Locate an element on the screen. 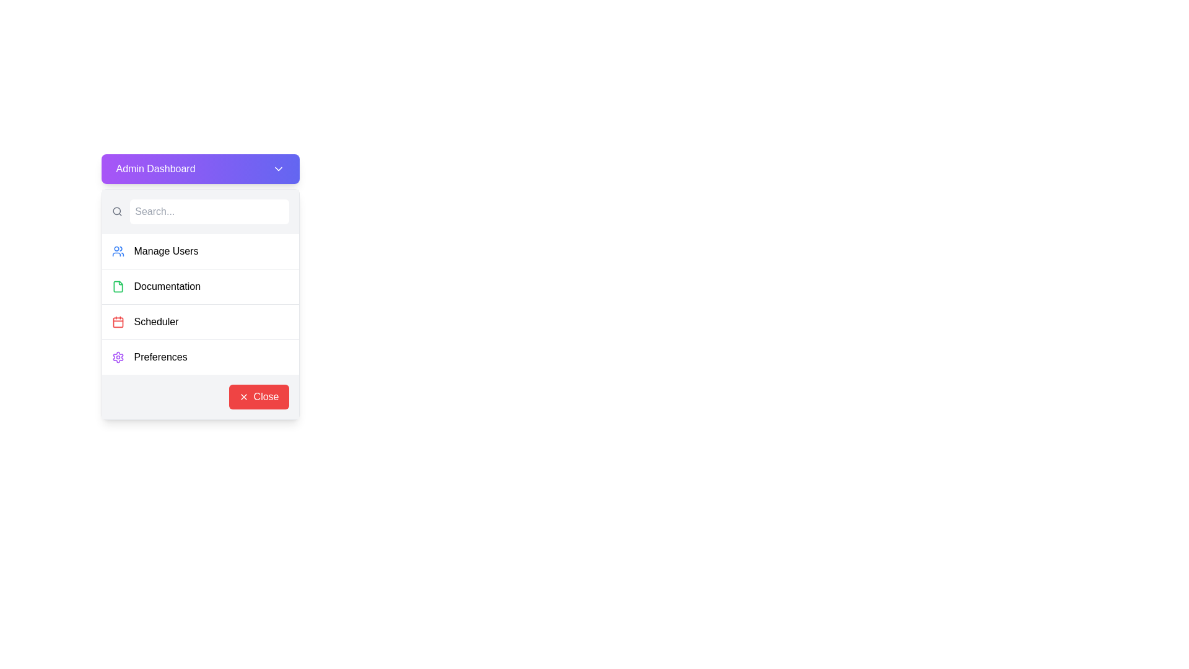 The image size is (1189, 669). the close button located at the right end of the footer section of the card-like UI structure to interact via keyboard is located at coordinates (258, 396).